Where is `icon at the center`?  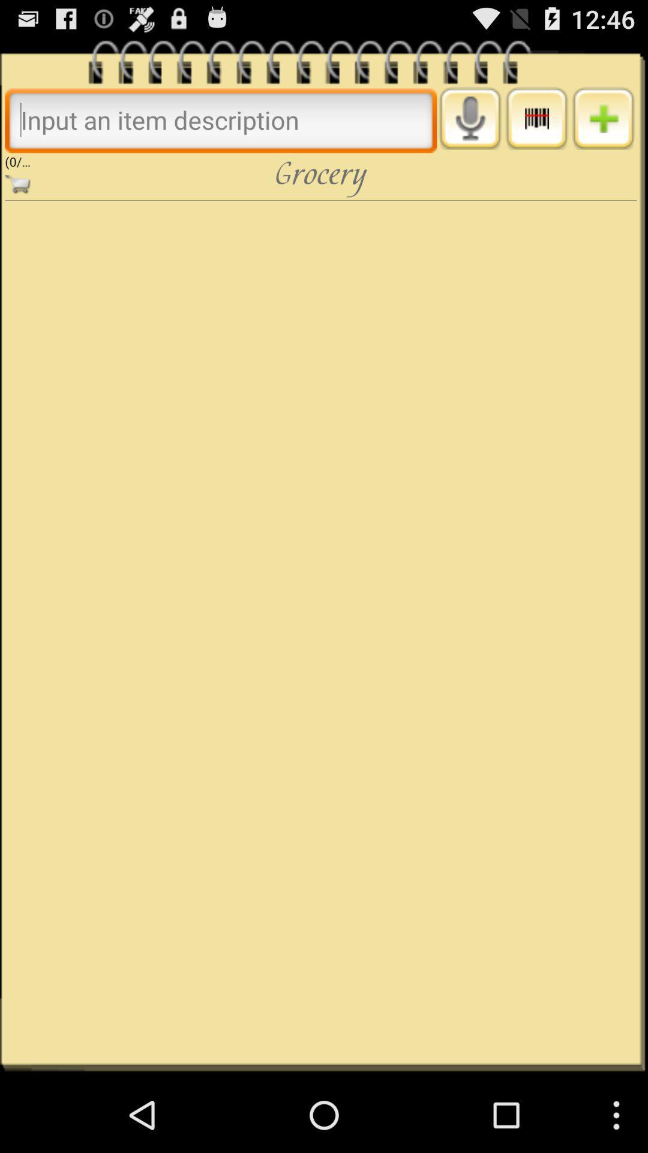 icon at the center is located at coordinates (320, 631).